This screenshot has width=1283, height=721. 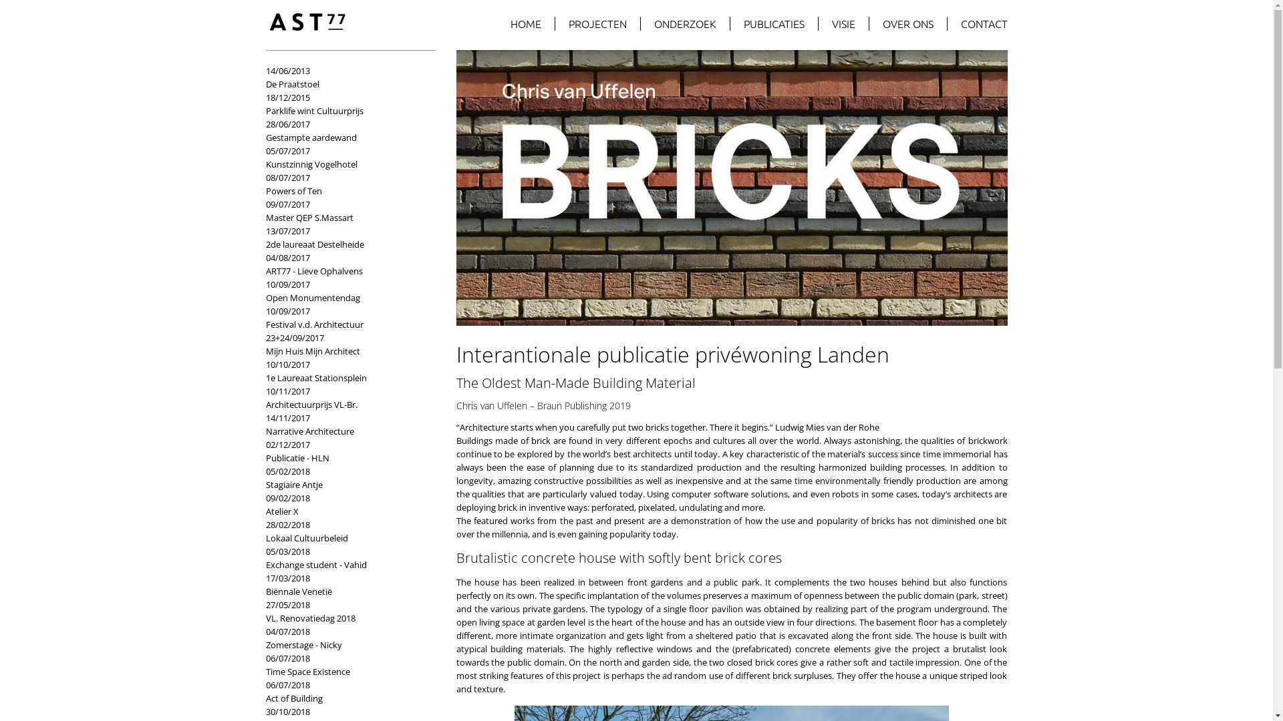 I want to click on '18/12/2015, so click(x=344, y=103).